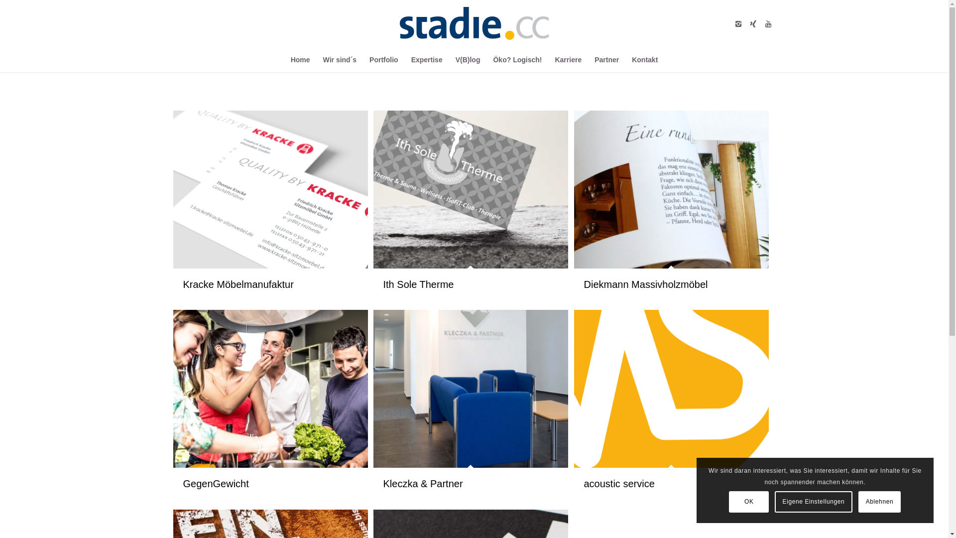 The width and height of the screenshot is (956, 538). Describe the element at coordinates (470, 189) in the screenshot. I see `'Ith Sole Therme'` at that location.